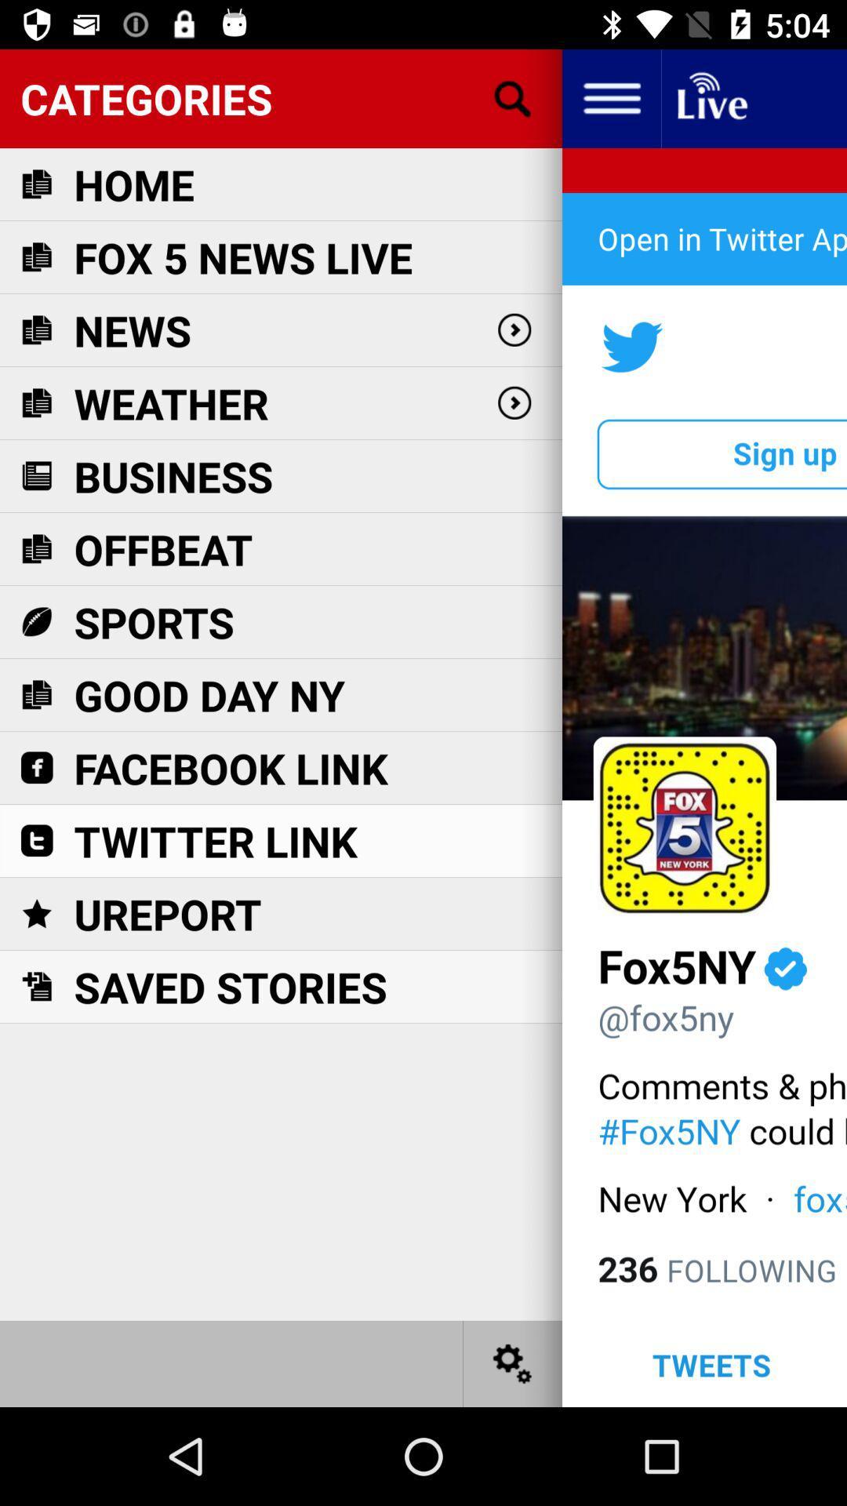 The image size is (847, 1506). I want to click on good day ny icon, so click(209, 694).